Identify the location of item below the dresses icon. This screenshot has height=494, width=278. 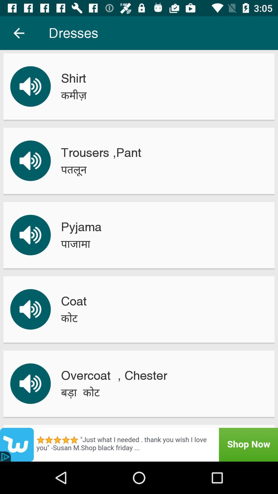
(73, 78).